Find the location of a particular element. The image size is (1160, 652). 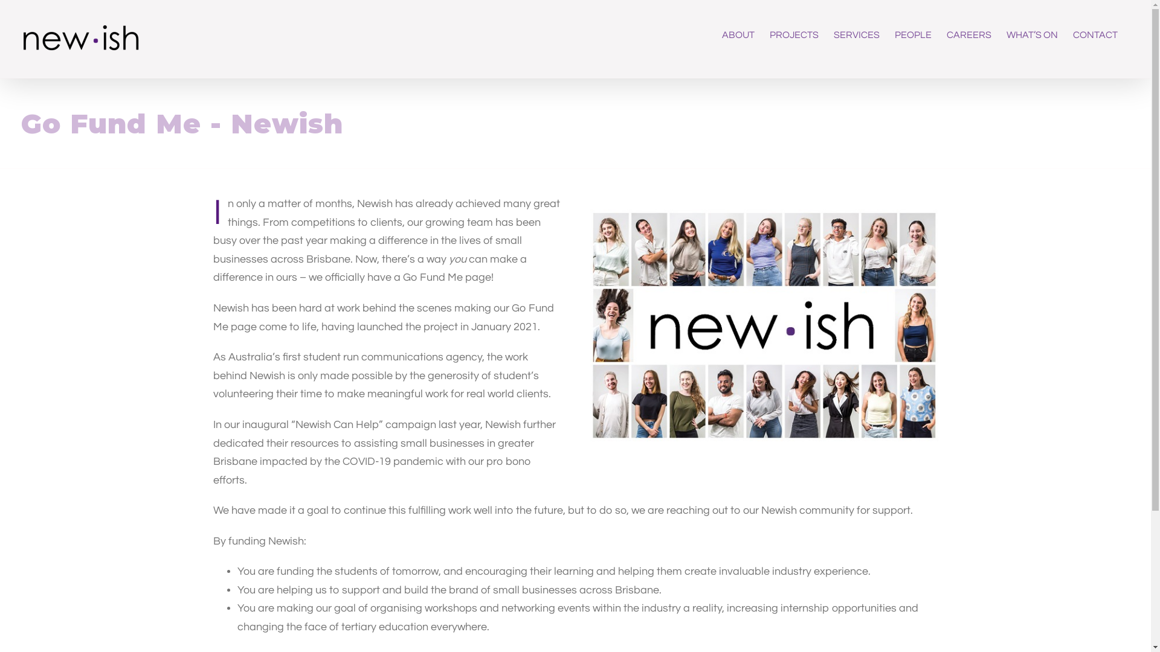

'CONTACT' is located at coordinates (1073, 34).